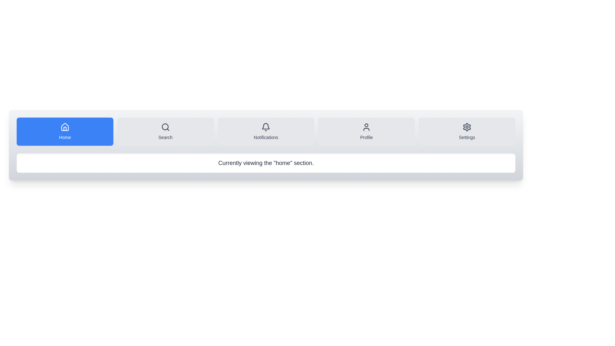 This screenshot has height=346, width=615. Describe the element at coordinates (65, 137) in the screenshot. I see `the 'Home' text label, which is styled in white on a blue background and positioned at the bottom of a button in the navigation bar` at that location.